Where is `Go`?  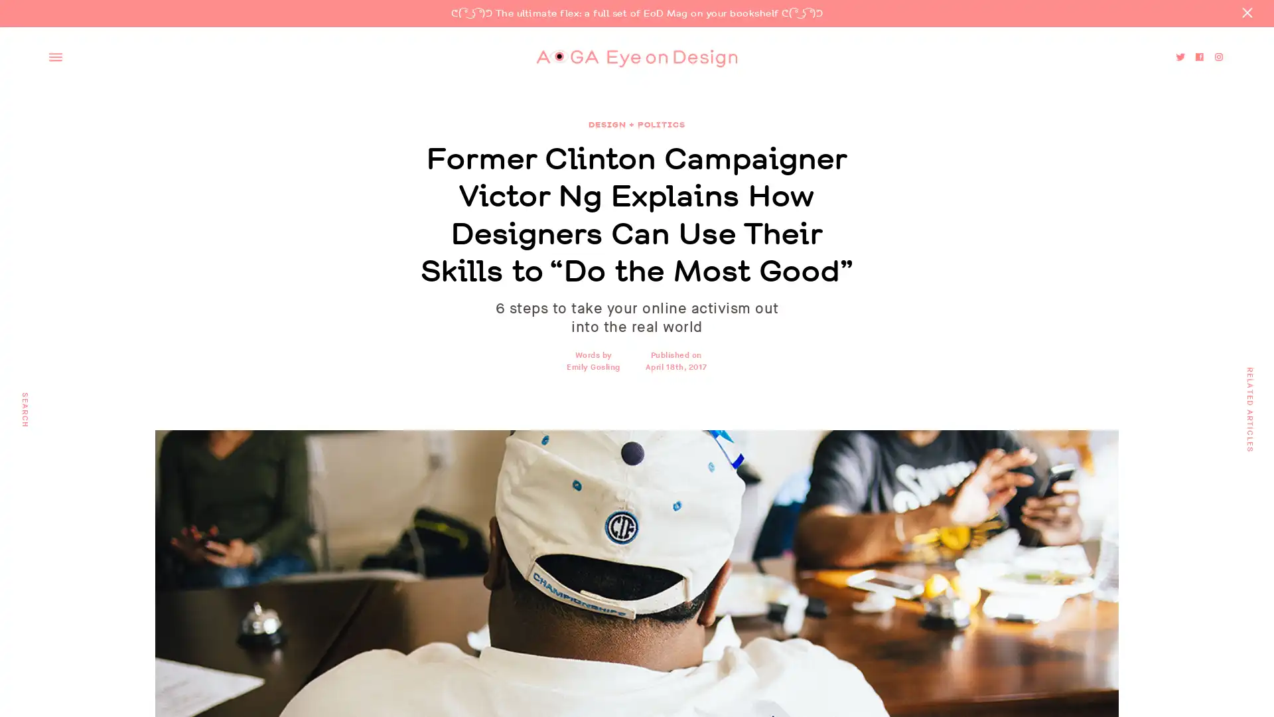 Go is located at coordinates (636, 505).